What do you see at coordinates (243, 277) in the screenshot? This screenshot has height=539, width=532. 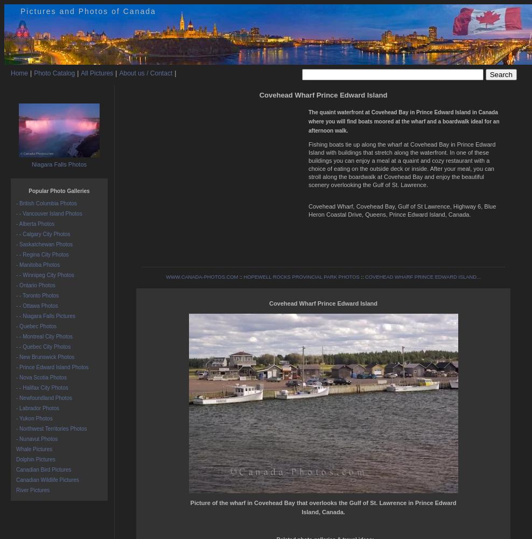 I see `'HOPEWELL ROCKS PROVINCIAL PARK PHOTOS'` at bounding box center [243, 277].